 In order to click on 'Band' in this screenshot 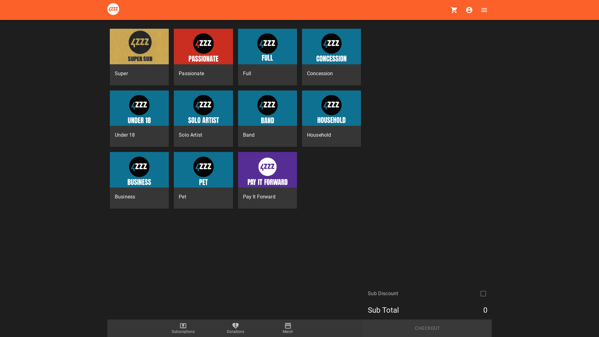, I will do `click(238, 119)`.